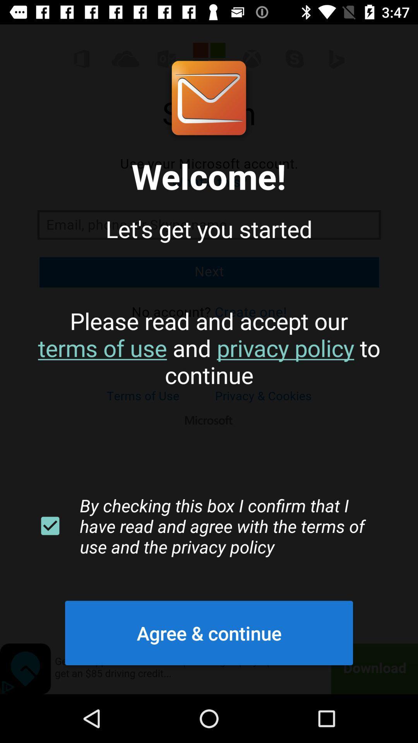 The width and height of the screenshot is (418, 743). What do you see at coordinates (50, 526) in the screenshot?
I see `button above agree & continue icon` at bounding box center [50, 526].